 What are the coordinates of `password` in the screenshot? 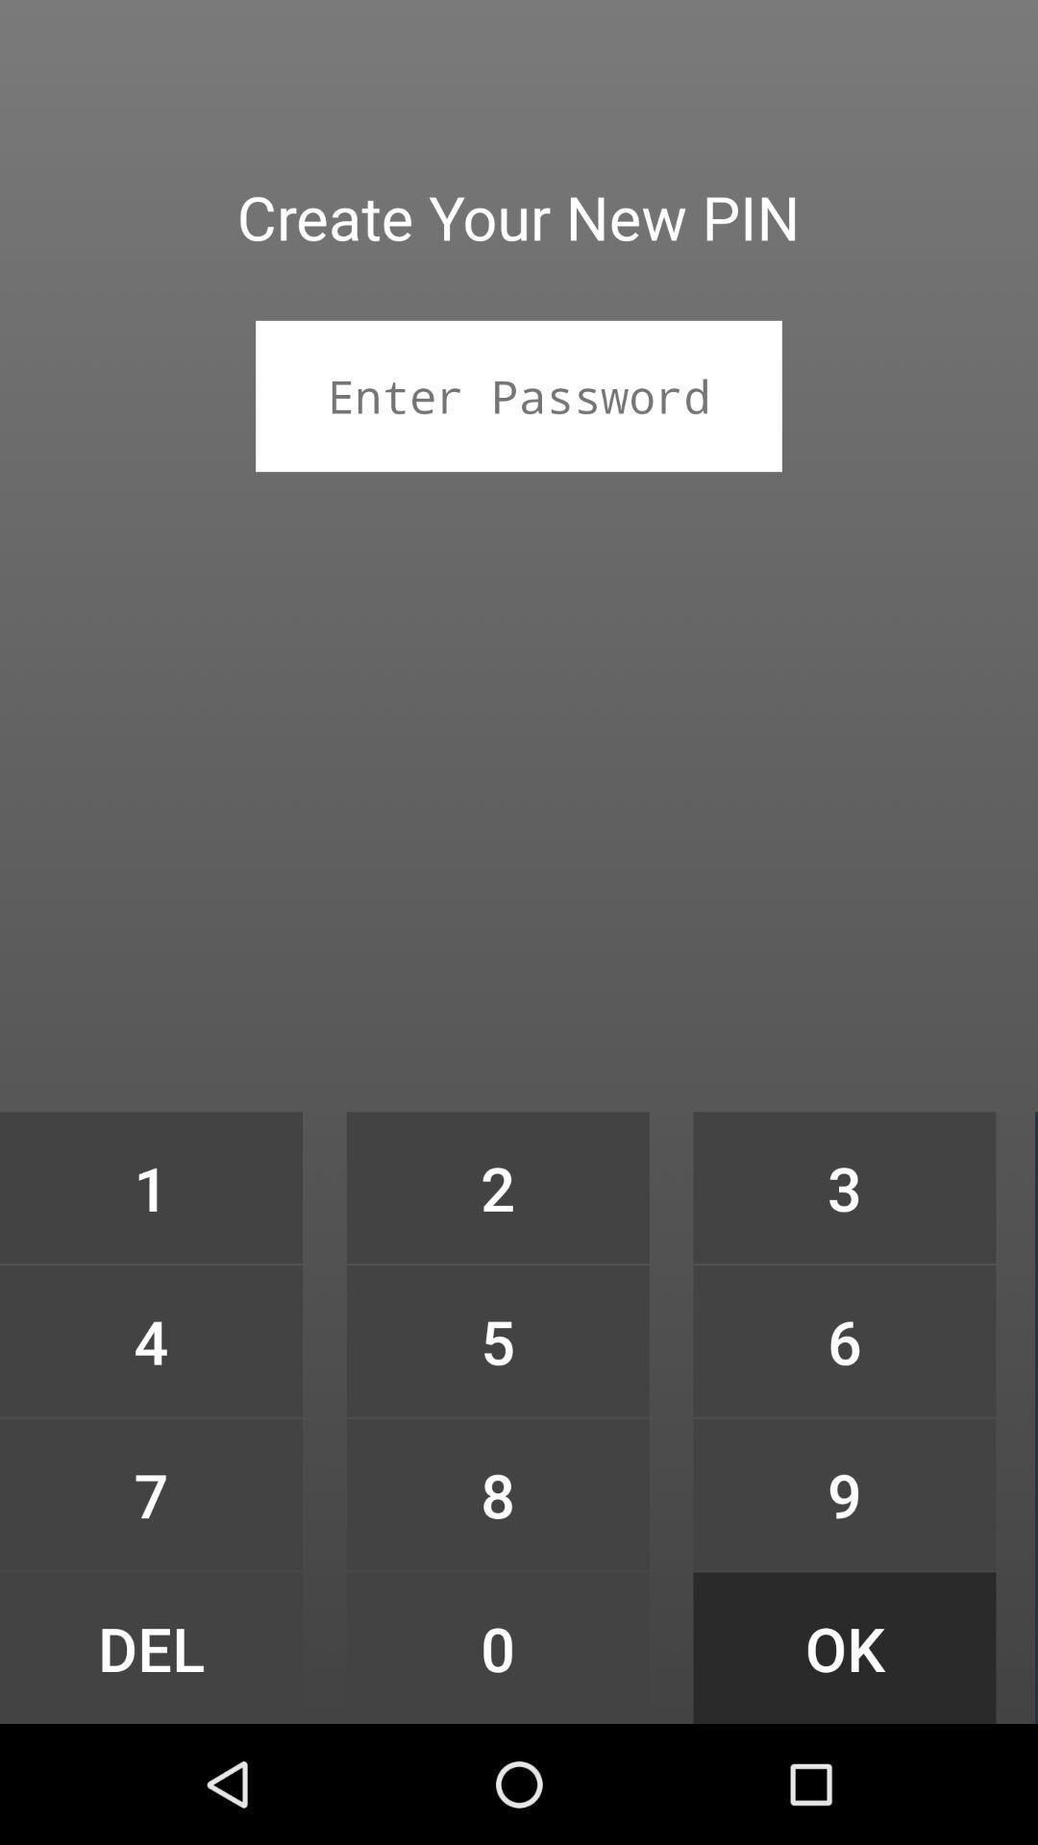 It's located at (519, 395).